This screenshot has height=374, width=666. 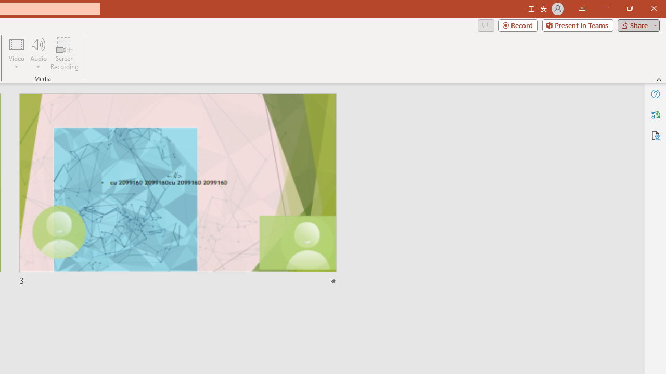 I want to click on 'Restore Down', so click(x=629, y=8).